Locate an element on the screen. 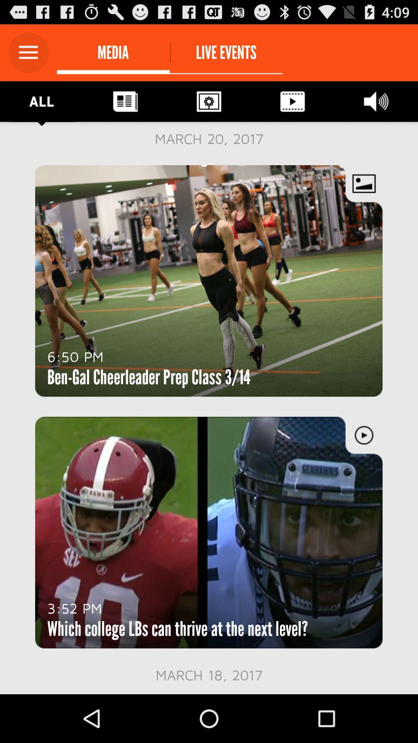  item to the left of the media icon is located at coordinates (28, 52).